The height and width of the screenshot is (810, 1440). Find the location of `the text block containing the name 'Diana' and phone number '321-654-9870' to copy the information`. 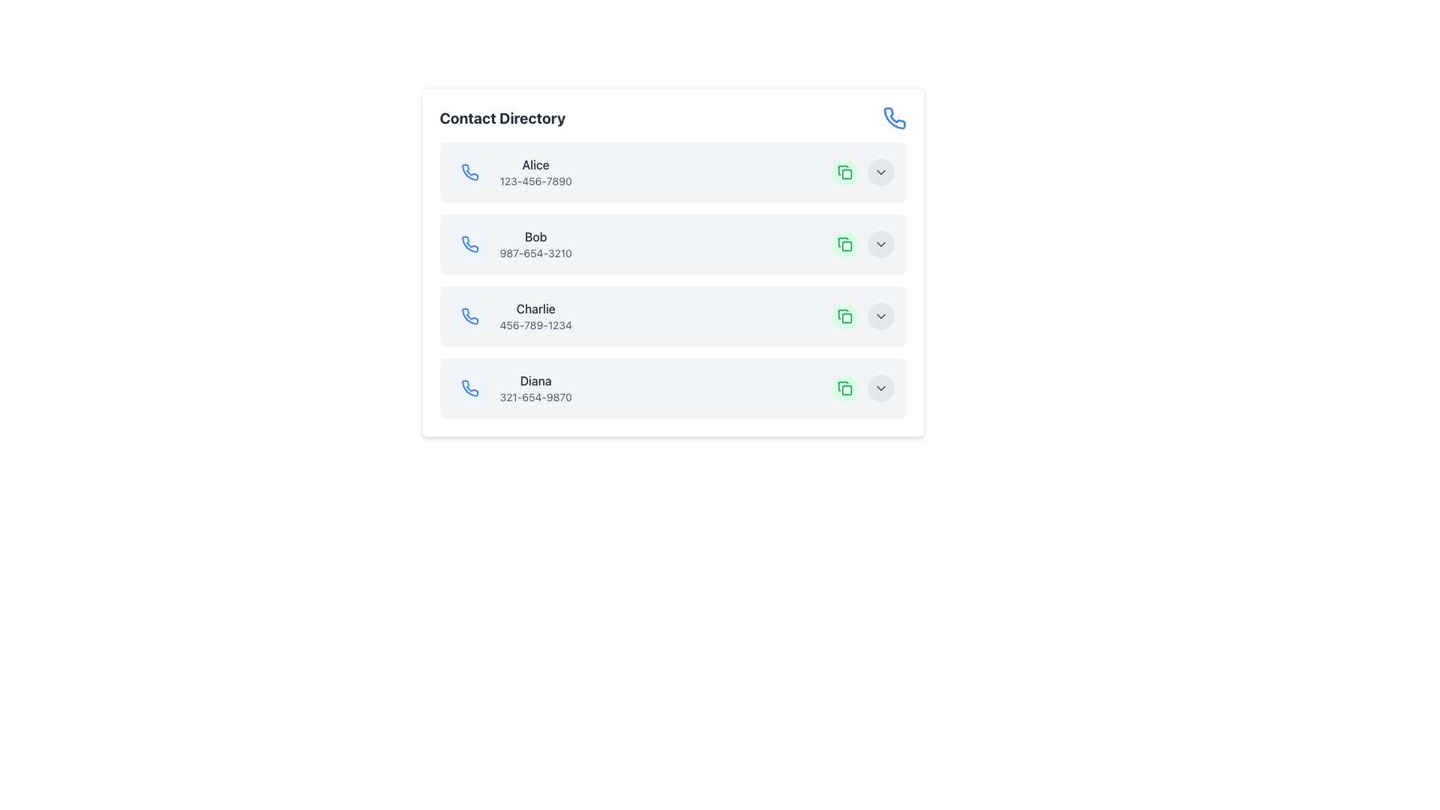

the text block containing the name 'Diana' and phone number '321-654-9870' to copy the information is located at coordinates (535, 387).